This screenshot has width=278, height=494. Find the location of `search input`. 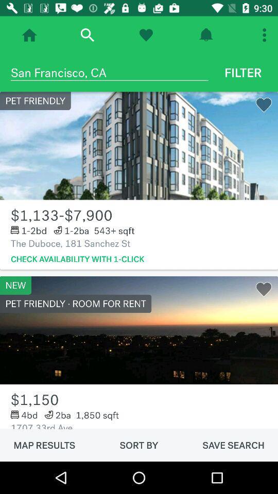

search input is located at coordinates (86, 35).